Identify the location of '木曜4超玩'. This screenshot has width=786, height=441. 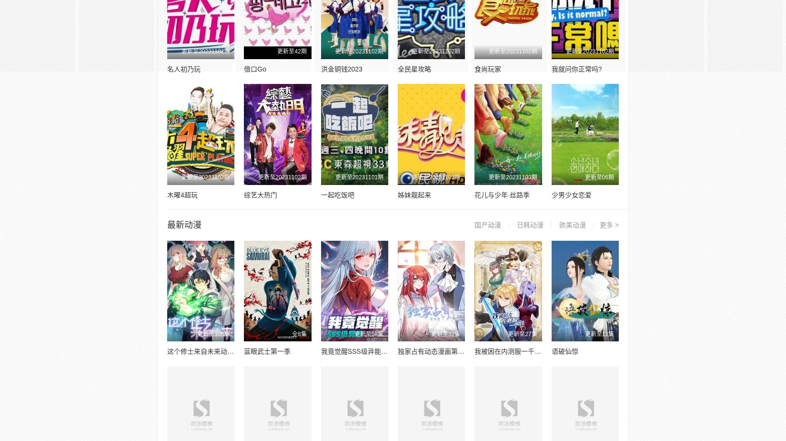
(182, 194).